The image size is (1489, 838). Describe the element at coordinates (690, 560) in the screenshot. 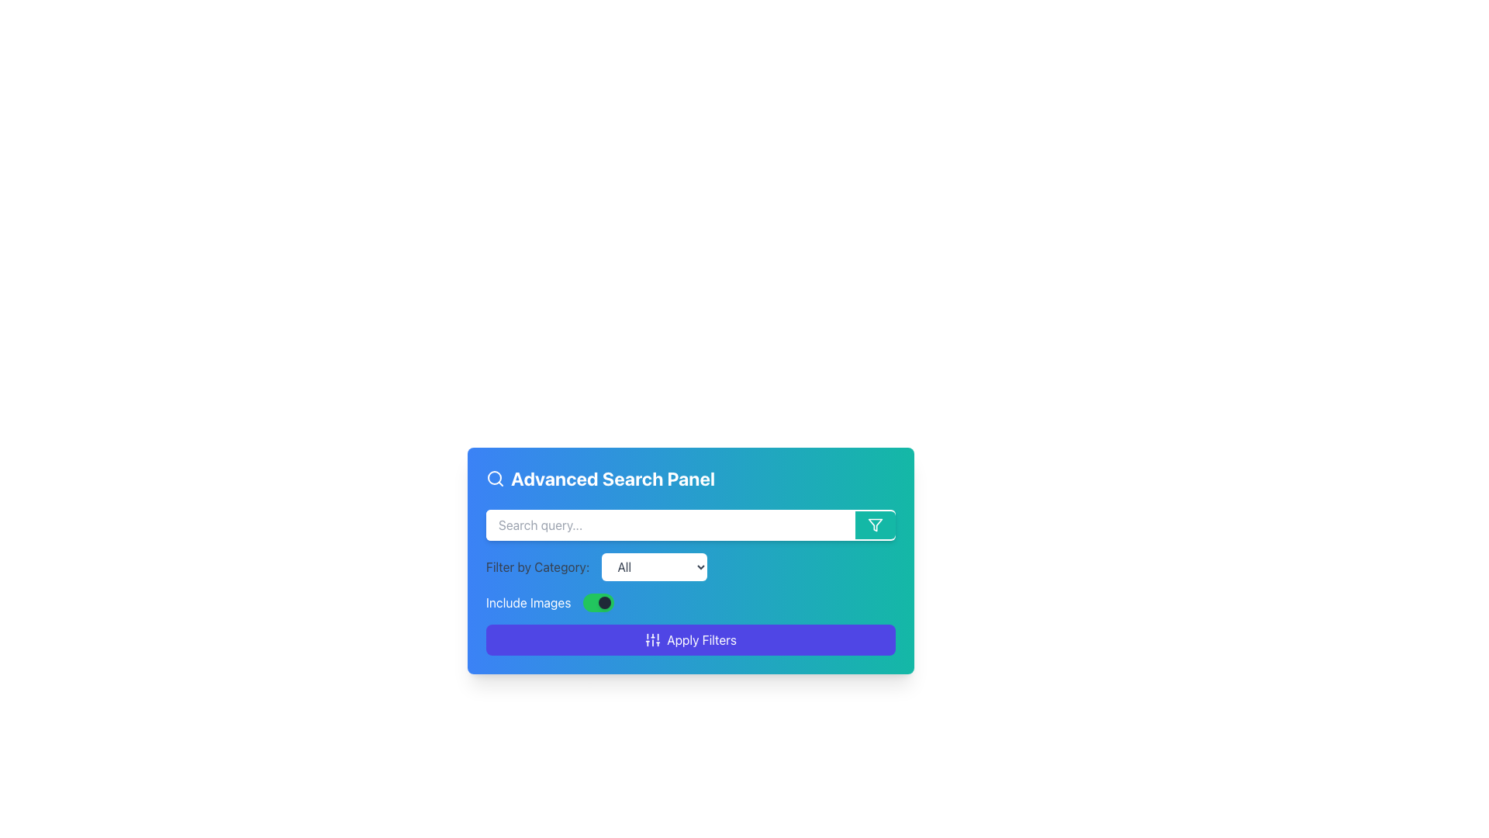

I see `the downward-facing arrow of the 'Filter by Category' dropdown menu` at that location.